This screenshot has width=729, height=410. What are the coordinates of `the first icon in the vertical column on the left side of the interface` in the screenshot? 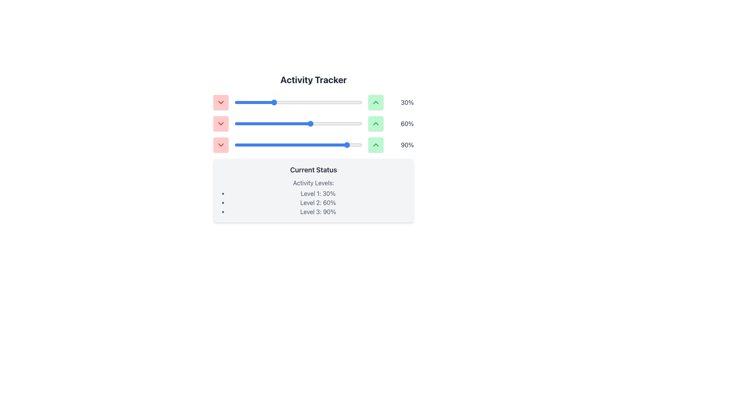 It's located at (220, 102).